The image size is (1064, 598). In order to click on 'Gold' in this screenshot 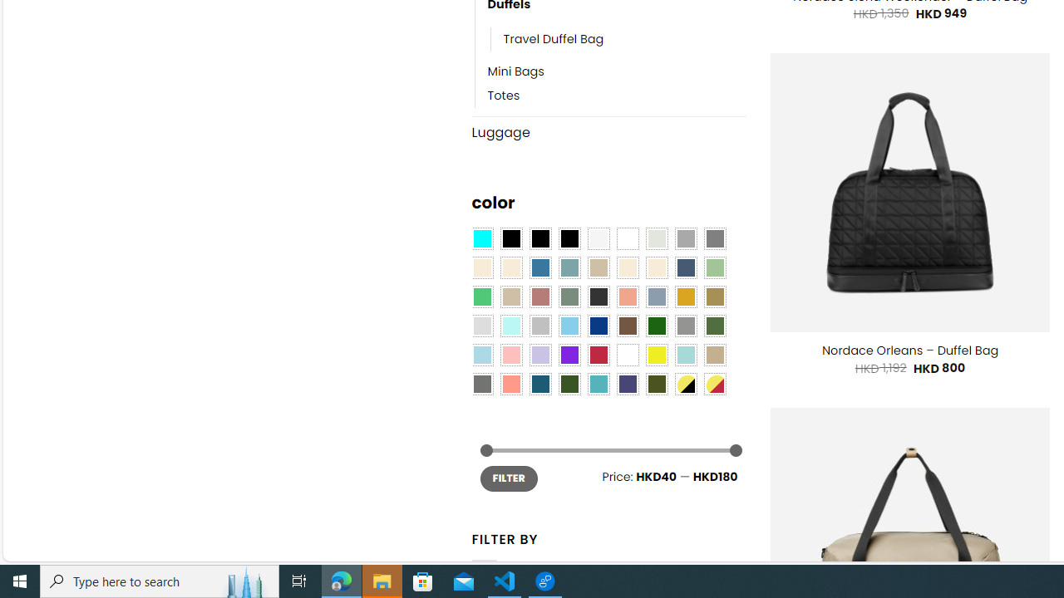, I will do `click(685, 296)`.